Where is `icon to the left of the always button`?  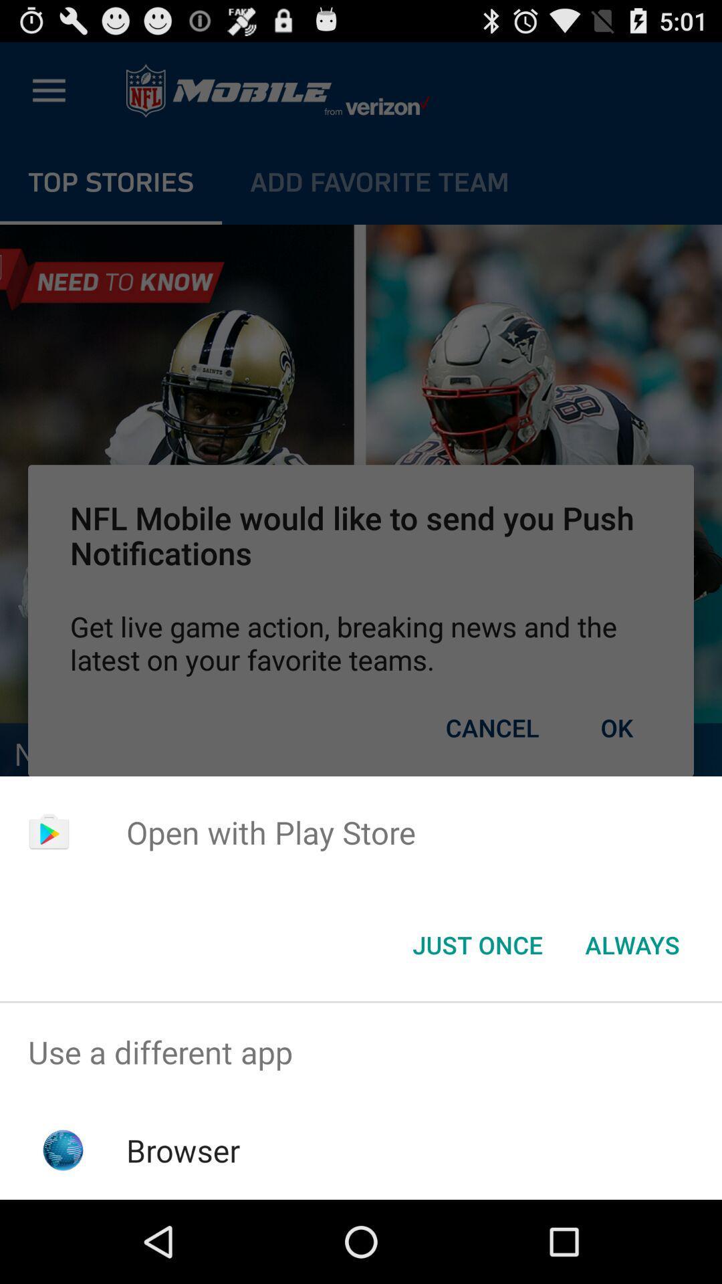
icon to the left of the always button is located at coordinates (477, 944).